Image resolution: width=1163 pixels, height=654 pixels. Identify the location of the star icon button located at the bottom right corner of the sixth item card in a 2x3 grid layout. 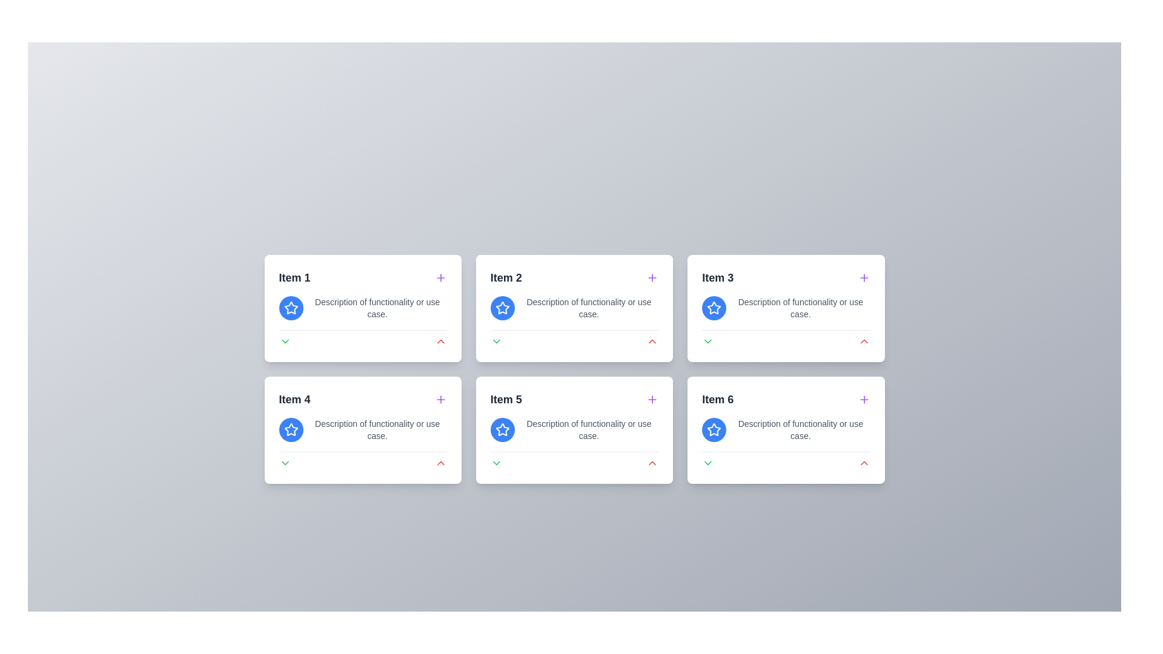
(714, 429).